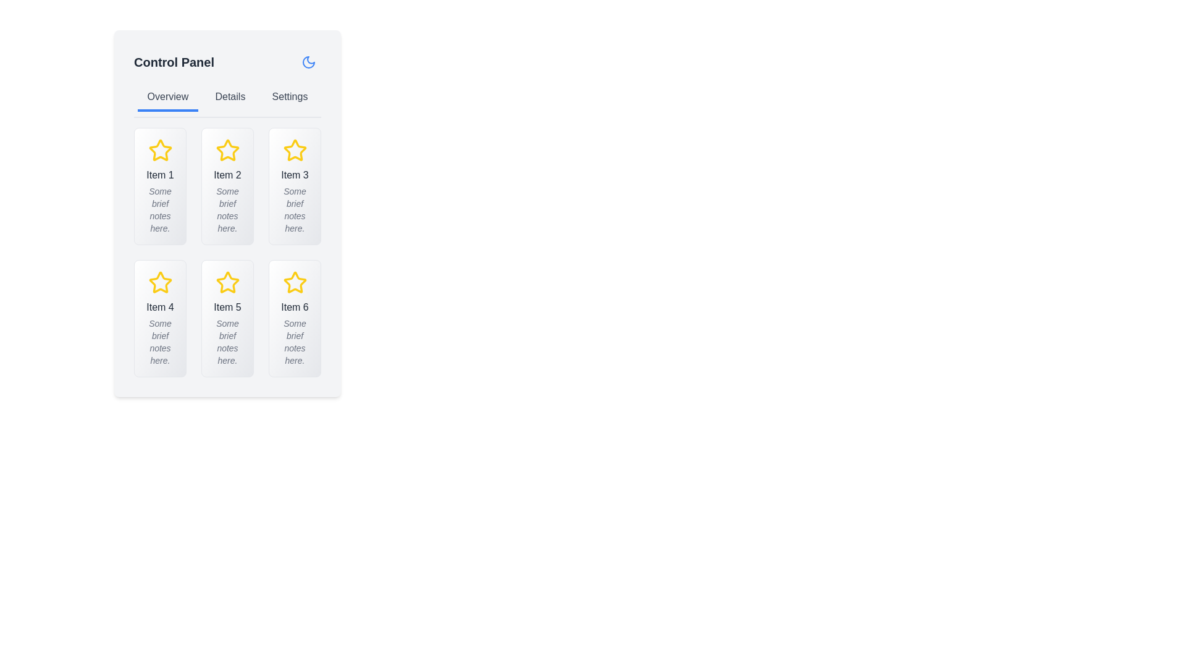  I want to click on the sixth card in the grid structure, which displays a star icon and the text 'Item 6' with brief notes, so click(294, 318).